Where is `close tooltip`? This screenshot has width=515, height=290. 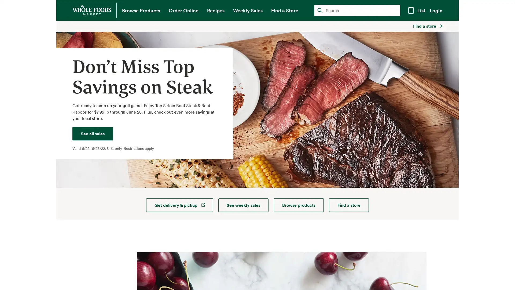
close tooltip is located at coordinates (455, 25).